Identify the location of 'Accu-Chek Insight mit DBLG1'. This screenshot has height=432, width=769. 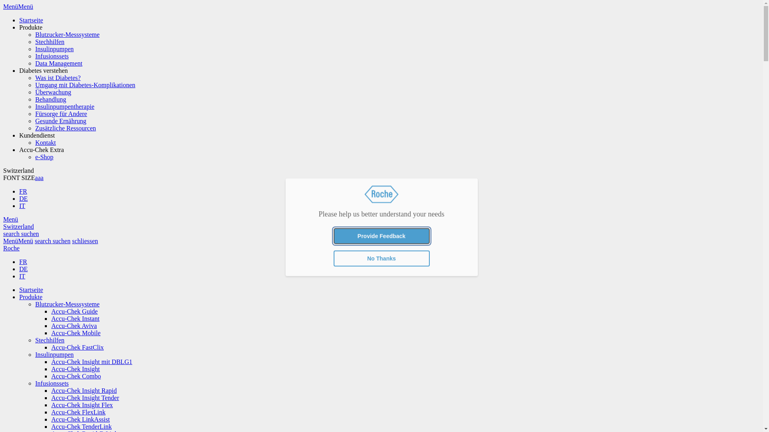
(51, 362).